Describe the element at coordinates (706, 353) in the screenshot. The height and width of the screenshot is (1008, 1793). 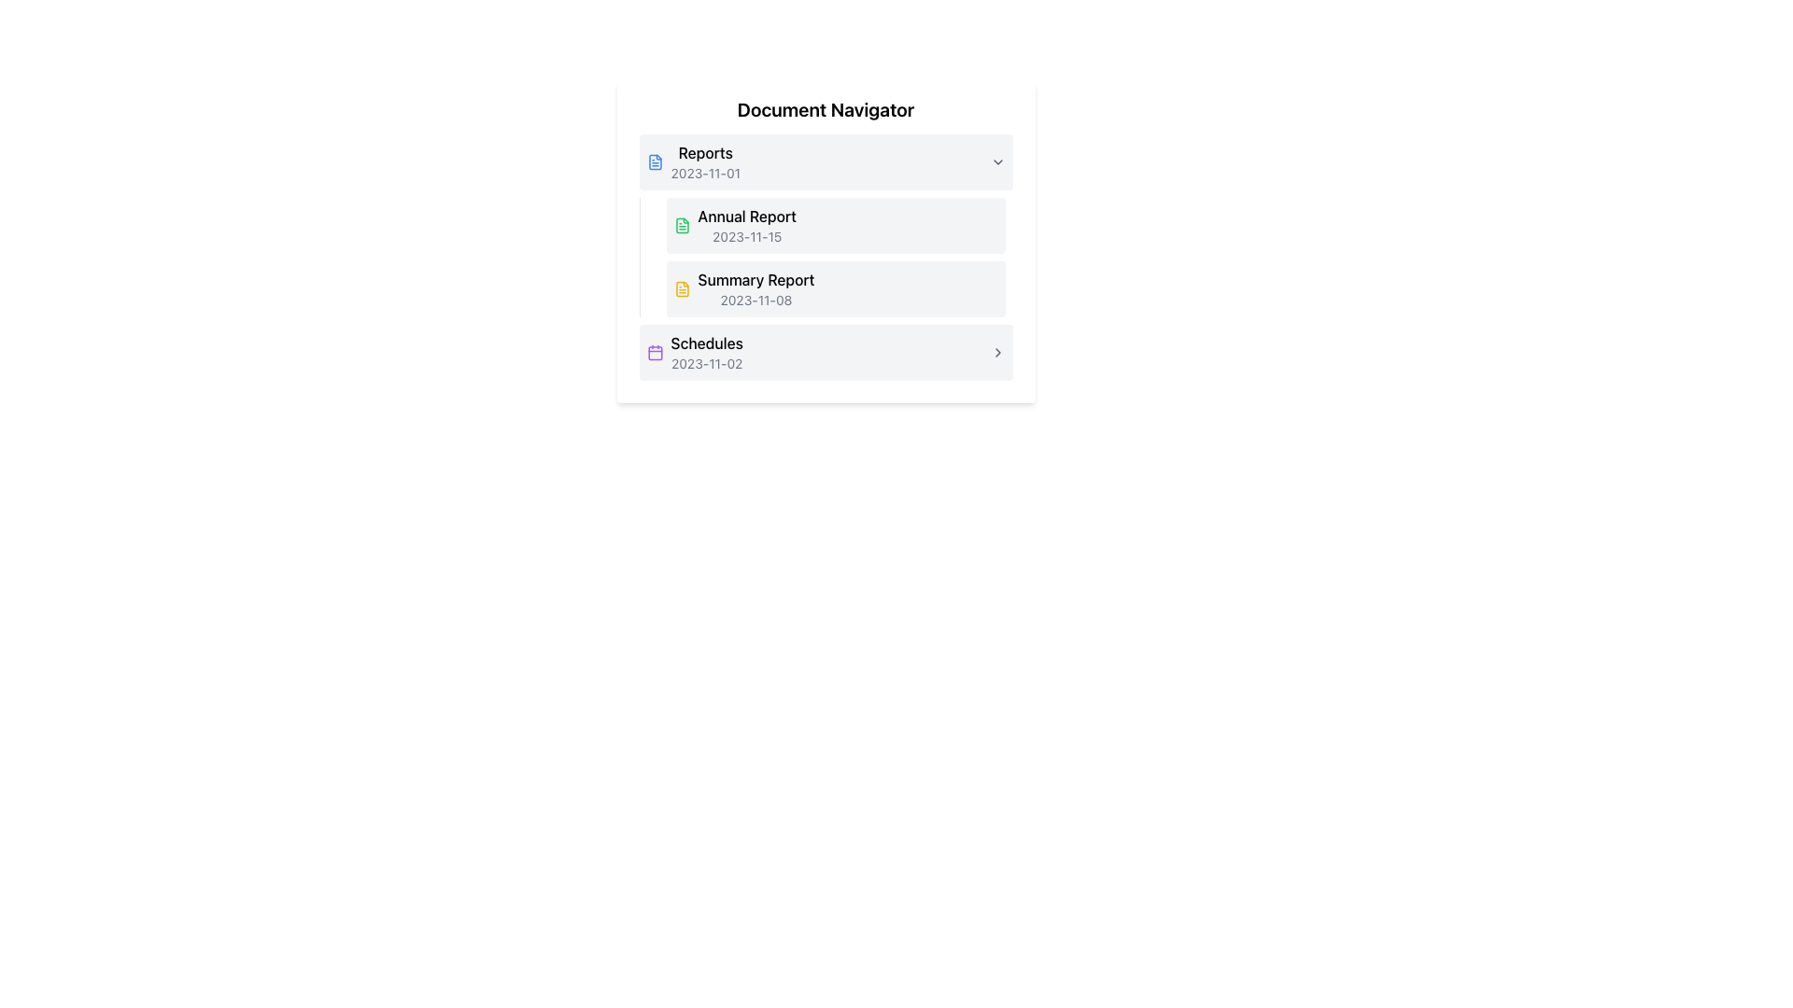
I see `text label located below the purple calendar icon, which contains the heading 'Schedules' and the subtext '2023-11-02'` at that location.